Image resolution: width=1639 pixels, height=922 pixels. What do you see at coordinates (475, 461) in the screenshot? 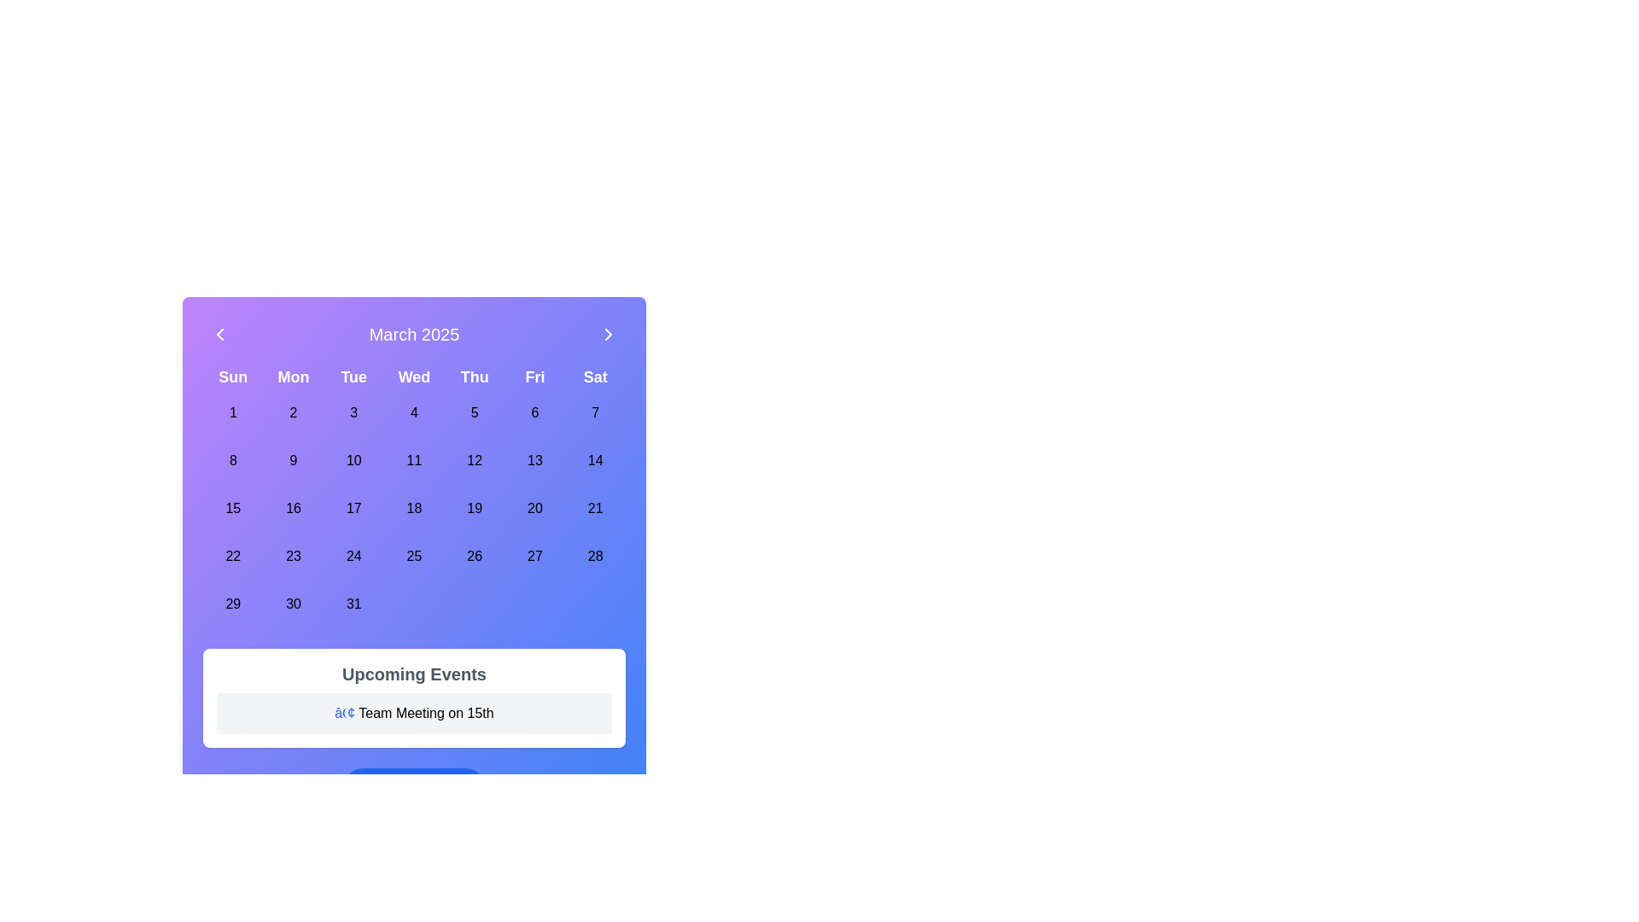
I see `the button representing the date '12'` at bounding box center [475, 461].